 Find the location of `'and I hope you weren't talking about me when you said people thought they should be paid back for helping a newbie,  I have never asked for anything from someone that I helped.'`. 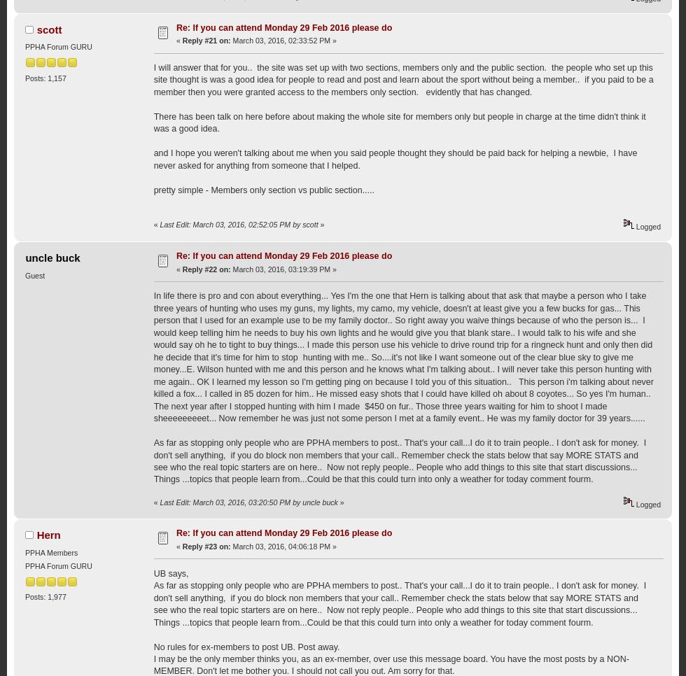

'and I hope you weren't talking about me when you said people thought they should be paid back for helping a newbie,  I have never asked for anything from someone that I helped.' is located at coordinates (395, 158).